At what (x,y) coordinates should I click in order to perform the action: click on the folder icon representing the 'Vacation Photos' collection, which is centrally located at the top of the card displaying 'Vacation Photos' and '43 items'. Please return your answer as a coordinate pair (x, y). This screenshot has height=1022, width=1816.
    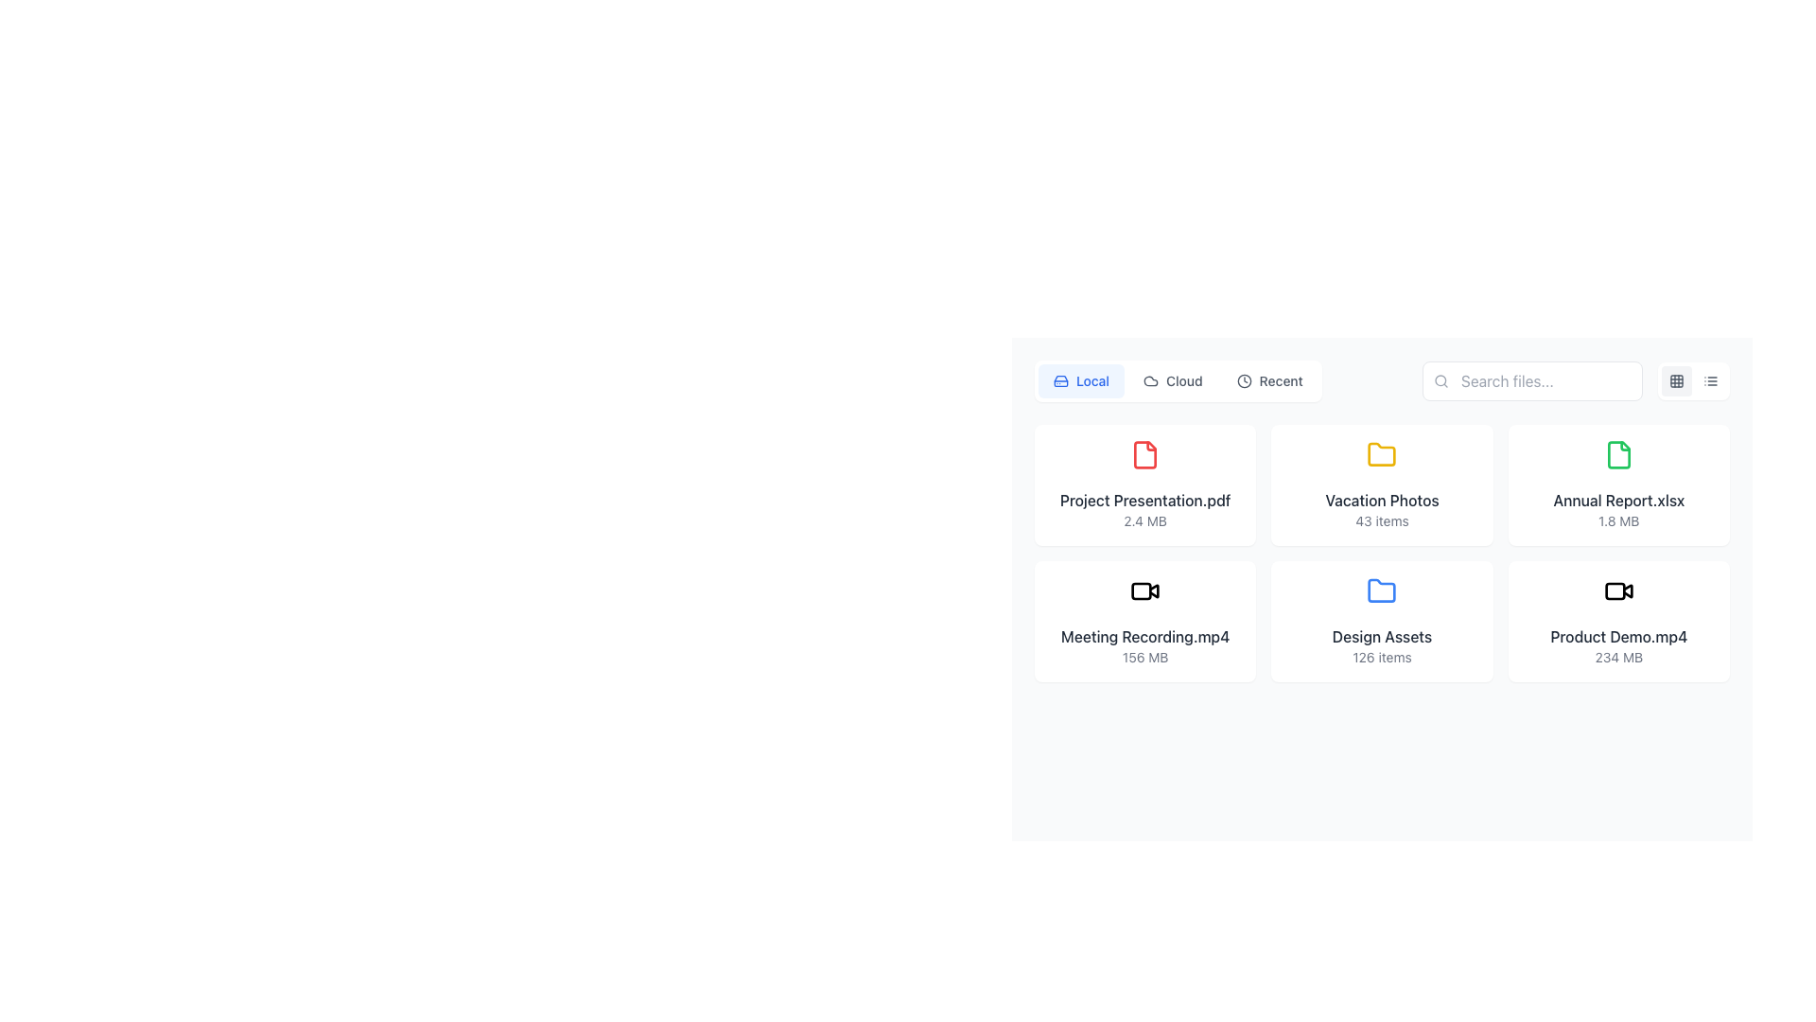
    Looking at the image, I should click on (1382, 455).